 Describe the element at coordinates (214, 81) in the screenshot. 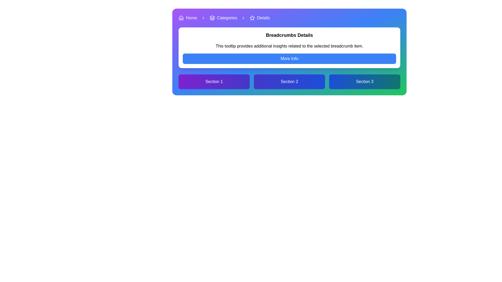

I see `the static label or navigational button with the text 'Section 1', which has a gradient background from purple to indigo and is located at the leftmost position in a horizontal row of three sections` at that location.